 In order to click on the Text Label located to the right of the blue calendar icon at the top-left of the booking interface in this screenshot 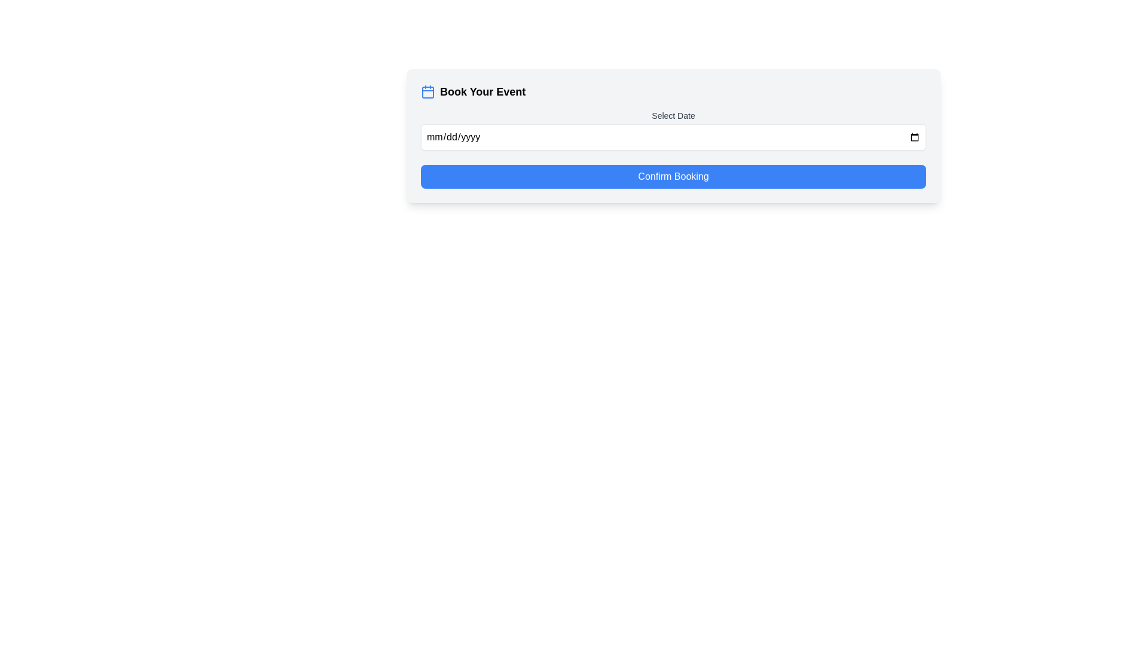, I will do `click(483, 91)`.